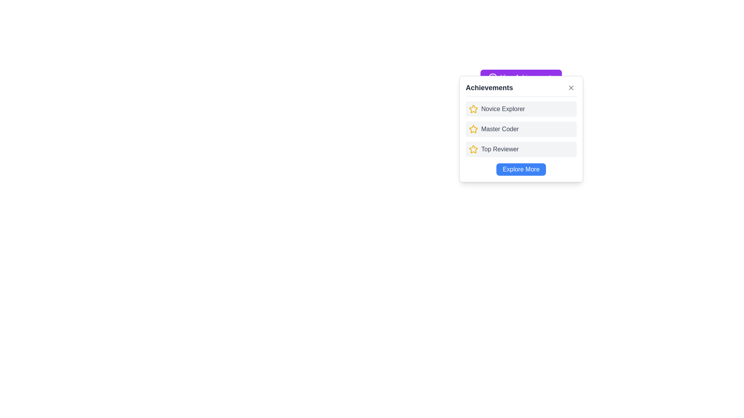  I want to click on the 'Master Coder' text label element, which is styled in gray and is located next to a yellow star icon within the 'Achievements' popup box, so click(500, 129).